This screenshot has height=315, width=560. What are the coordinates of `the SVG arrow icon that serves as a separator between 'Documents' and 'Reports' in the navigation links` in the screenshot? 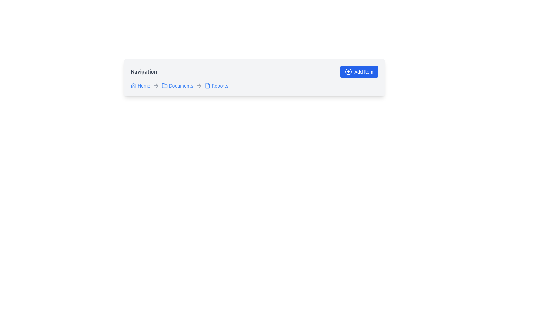 It's located at (157, 85).